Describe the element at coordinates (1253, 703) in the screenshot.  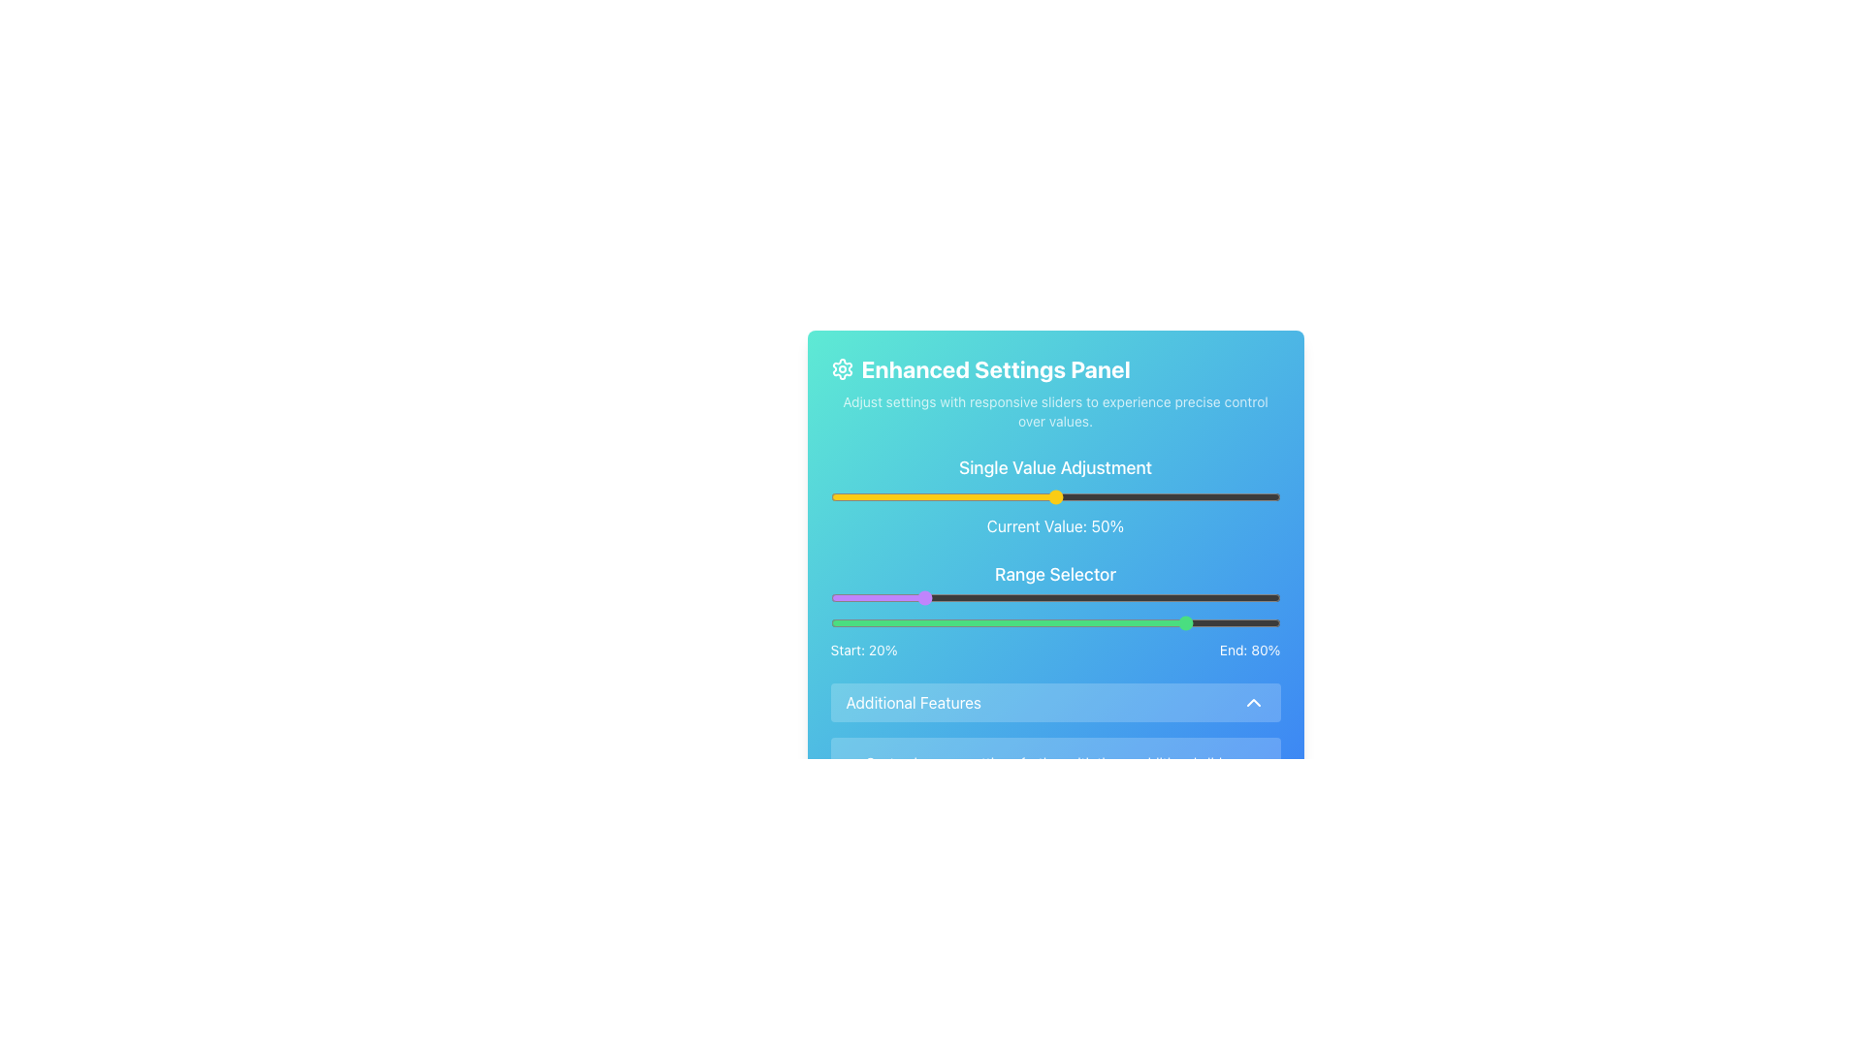
I see `the upward-facing chevron icon on the blue background next to the 'Additional Features' text` at that location.